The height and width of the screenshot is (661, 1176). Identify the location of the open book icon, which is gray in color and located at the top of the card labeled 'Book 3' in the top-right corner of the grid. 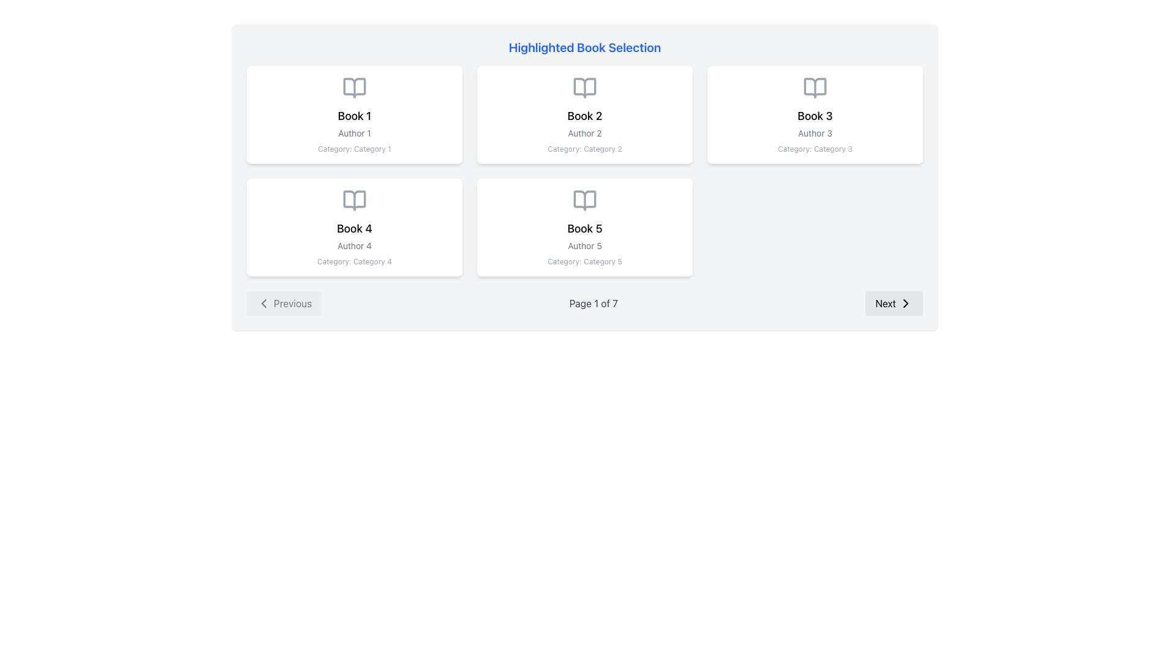
(815, 87).